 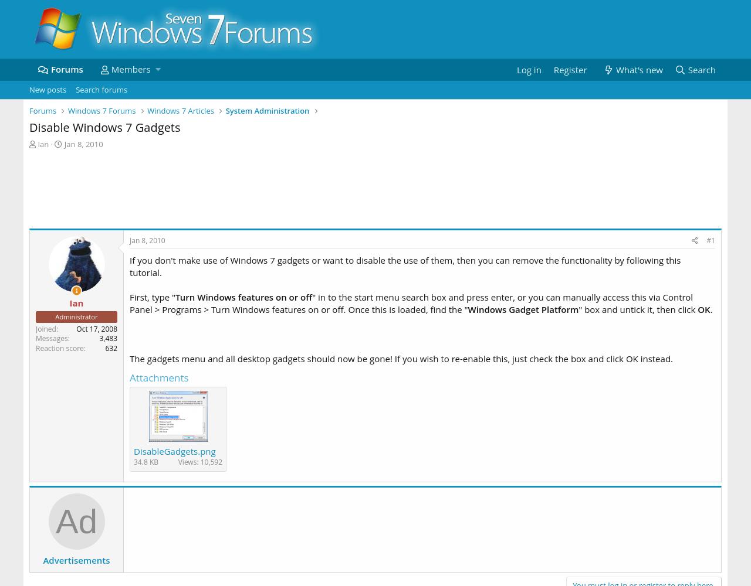 What do you see at coordinates (710, 240) in the screenshot?
I see `'#1'` at bounding box center [710, 240].